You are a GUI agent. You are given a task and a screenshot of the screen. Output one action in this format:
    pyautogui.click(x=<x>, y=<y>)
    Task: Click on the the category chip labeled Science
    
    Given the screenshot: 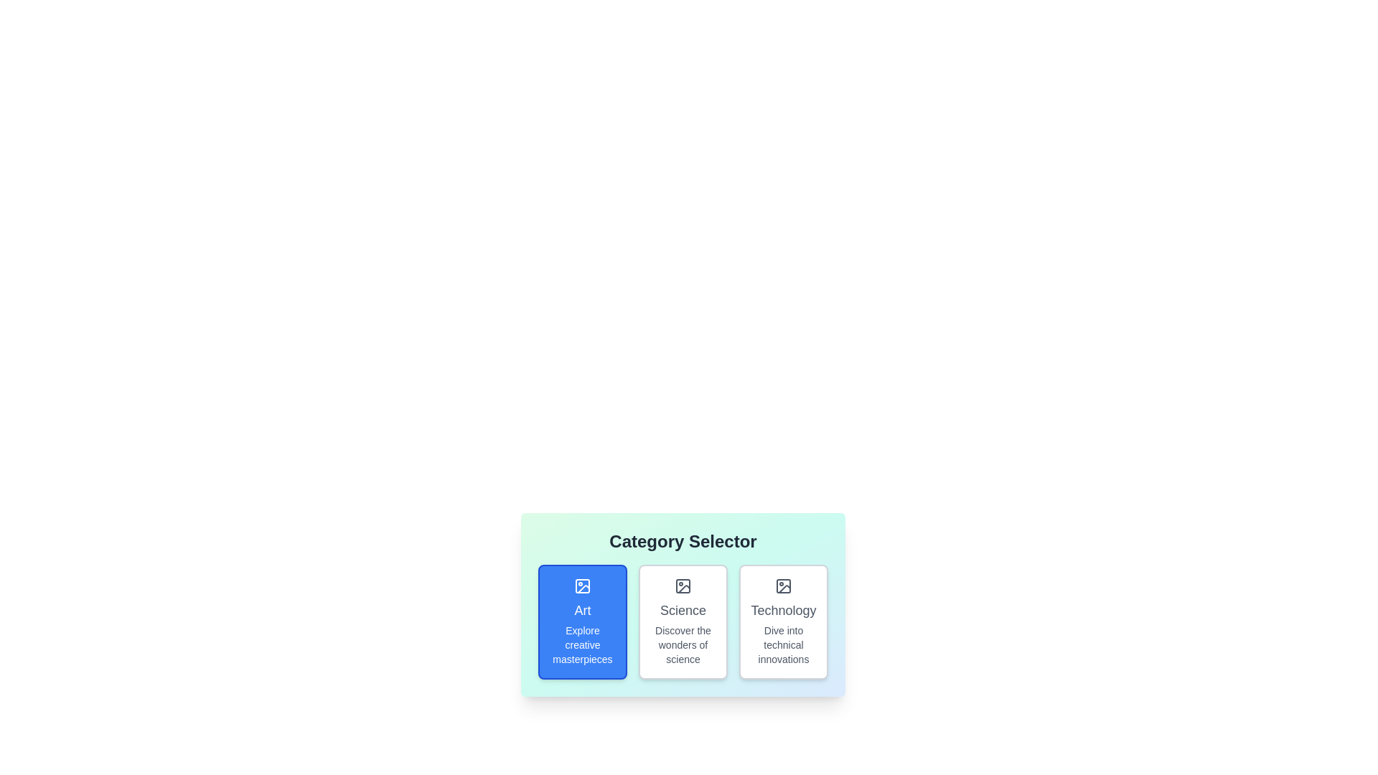 What is the action you would take?
    pyautogui.click(x=682, y=621)
    